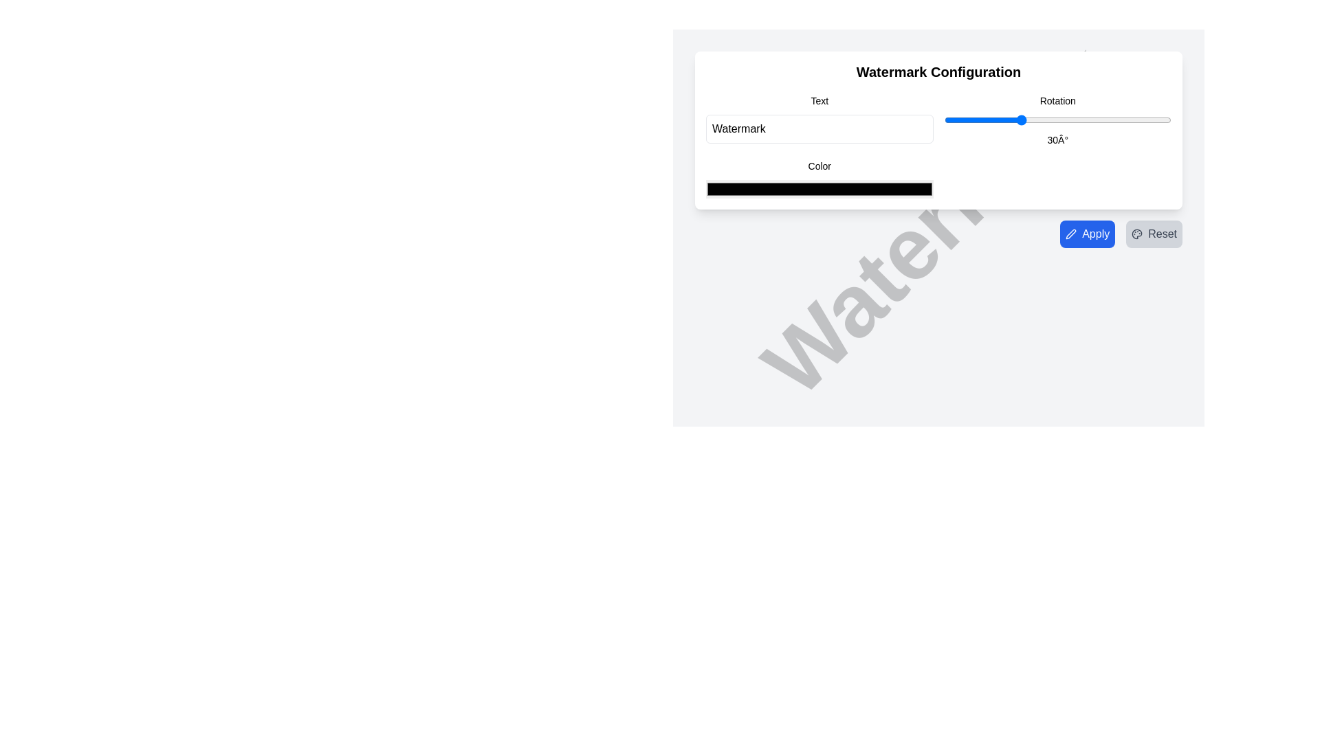 This screenshot has width=1320, height=742. I want to click on the 'Apply' button, which is a rectangular button with rounded corners, a vivid blue background, and white text, located in the bottom-right corner of the content area just below 'Watermark Configuration.', so click(1087, 233).